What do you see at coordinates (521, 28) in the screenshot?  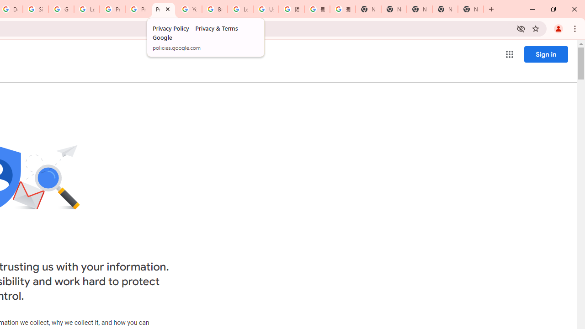 I see `'Third-party cookies blocked'` at bounding box center [521, 28].